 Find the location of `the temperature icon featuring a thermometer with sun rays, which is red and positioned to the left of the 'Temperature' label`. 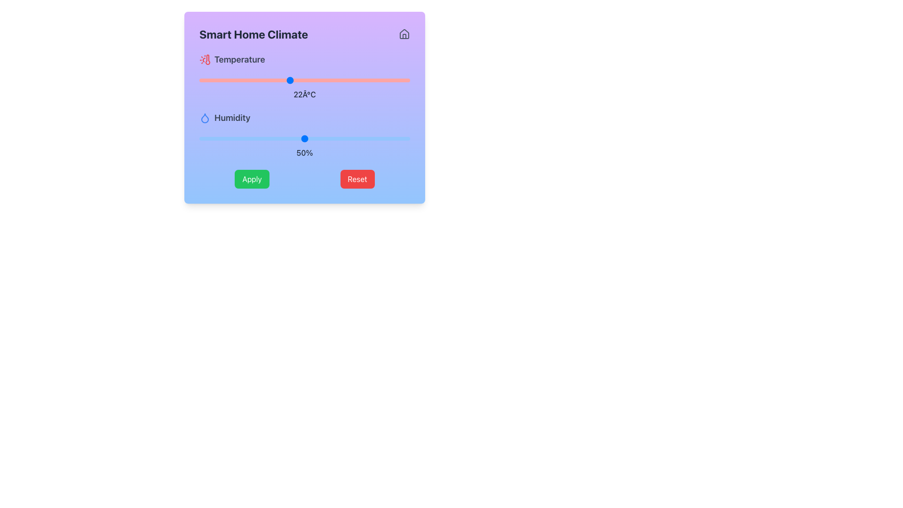

the temperature icon featuring a thermometer with sun rays, which is red and positioned to the left of the 'Temperature' label is located at coordinates (205, 60).